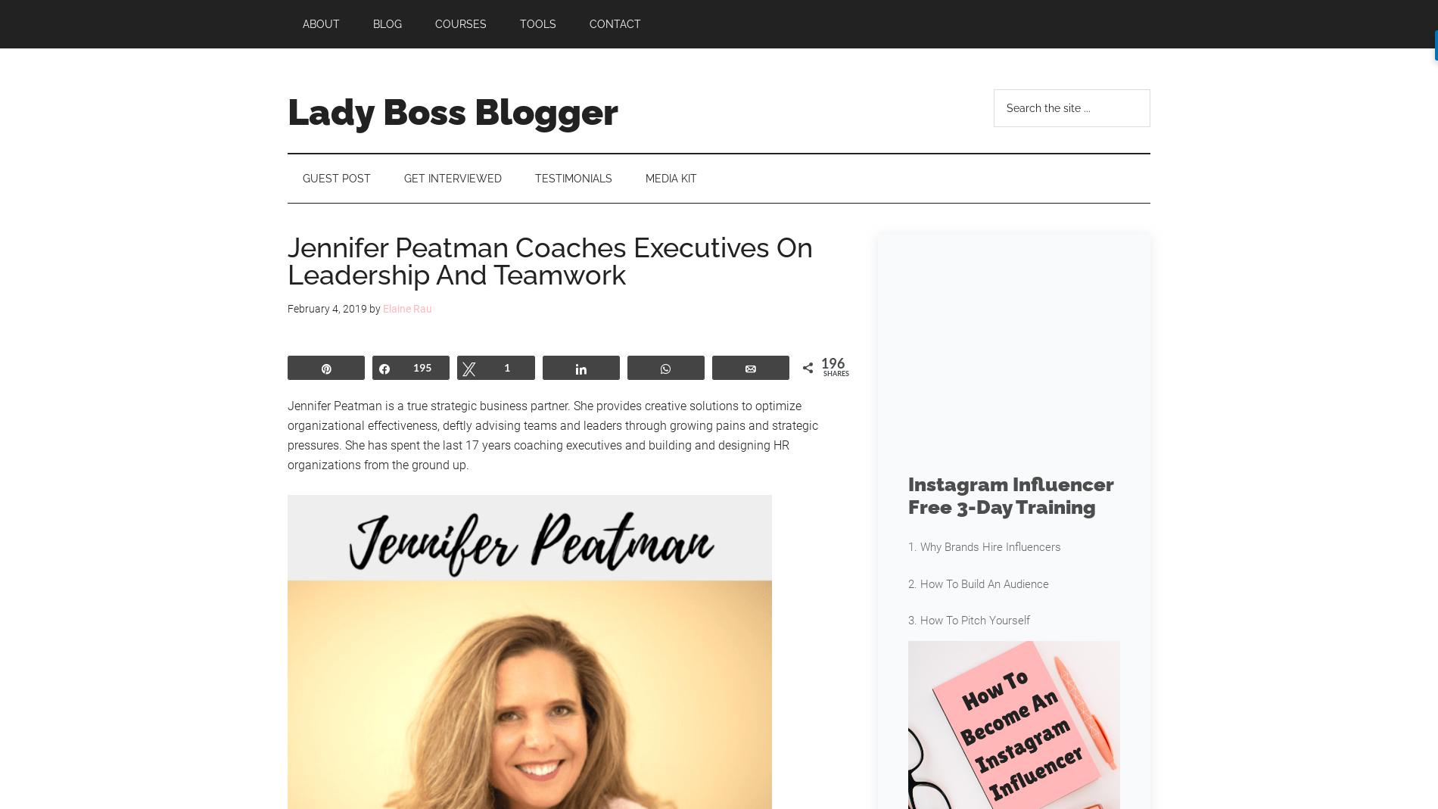 The height and width of the screenshot is (809, 1438). What do you see at coordinates (301, 178) in the screenshot?
I see `'Guest Post'` at bounding box center [301, 178].